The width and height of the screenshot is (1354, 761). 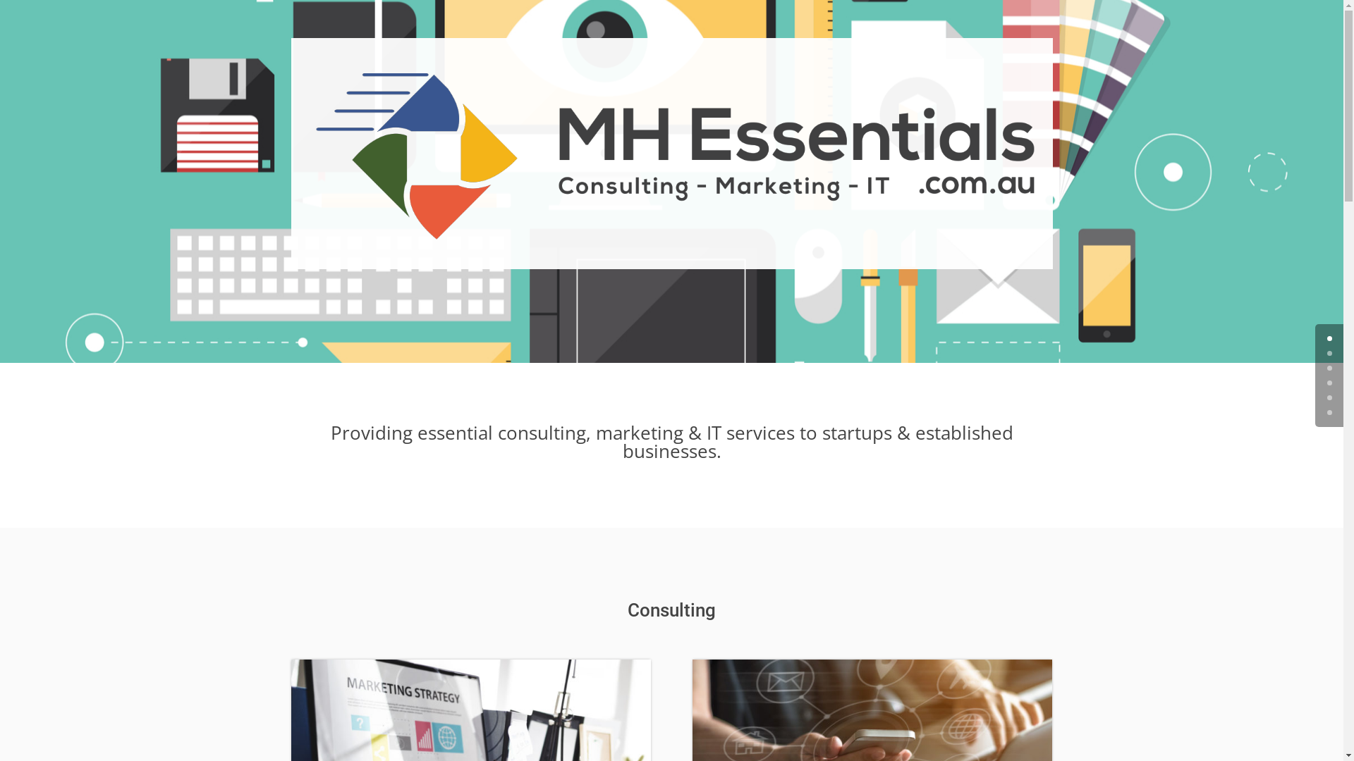 What do you see at coordinates (1329, 383) in the screenshot?
I see `'3'` at bounding box center [1329, 383].